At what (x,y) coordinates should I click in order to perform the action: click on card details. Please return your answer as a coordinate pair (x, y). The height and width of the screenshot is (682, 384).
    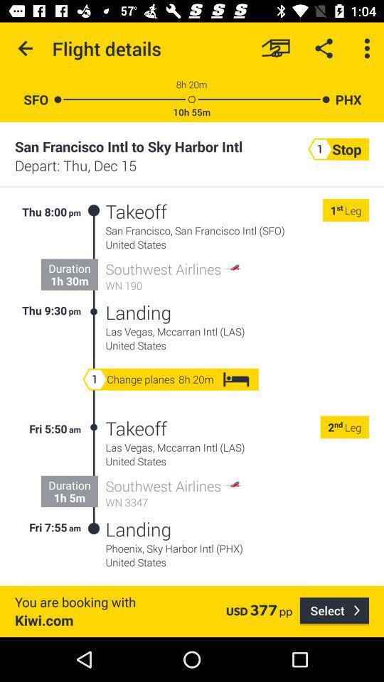
    Looking at the image, I should click on (275, 48).